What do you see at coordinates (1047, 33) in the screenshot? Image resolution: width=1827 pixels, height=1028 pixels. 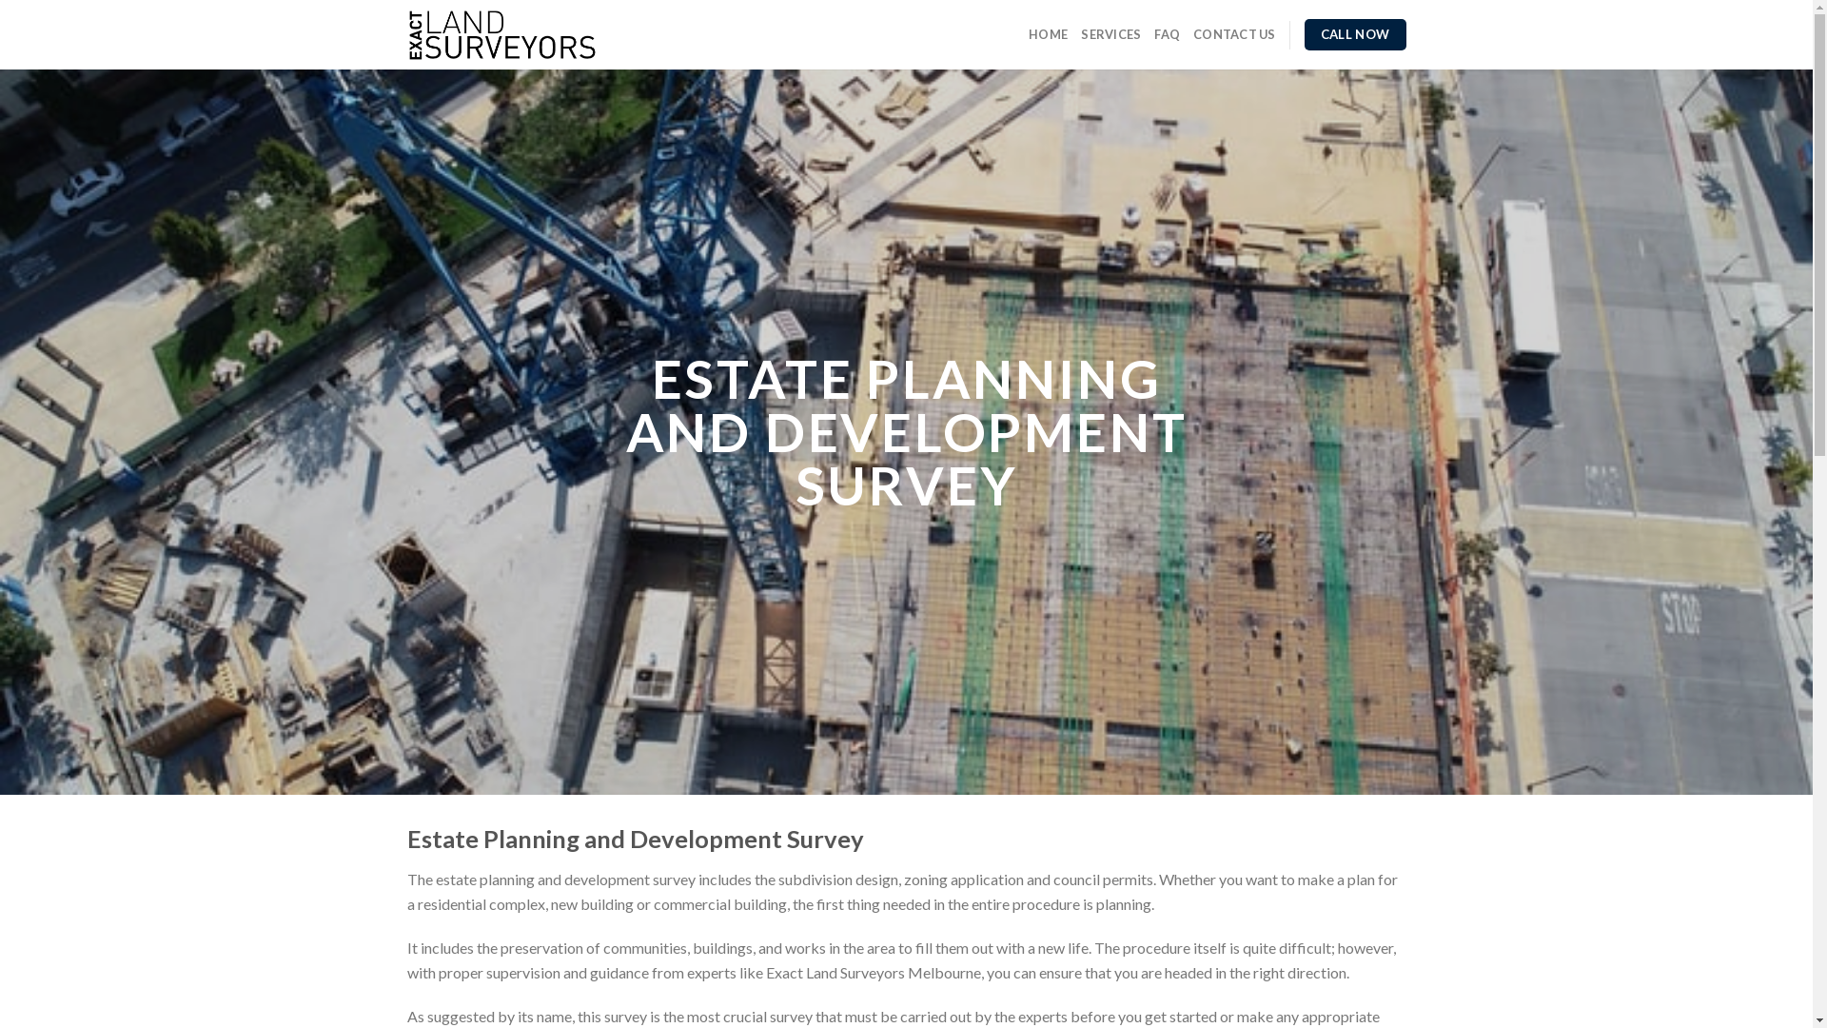 I see `'HOME'` at bounding box center [1047, 33].